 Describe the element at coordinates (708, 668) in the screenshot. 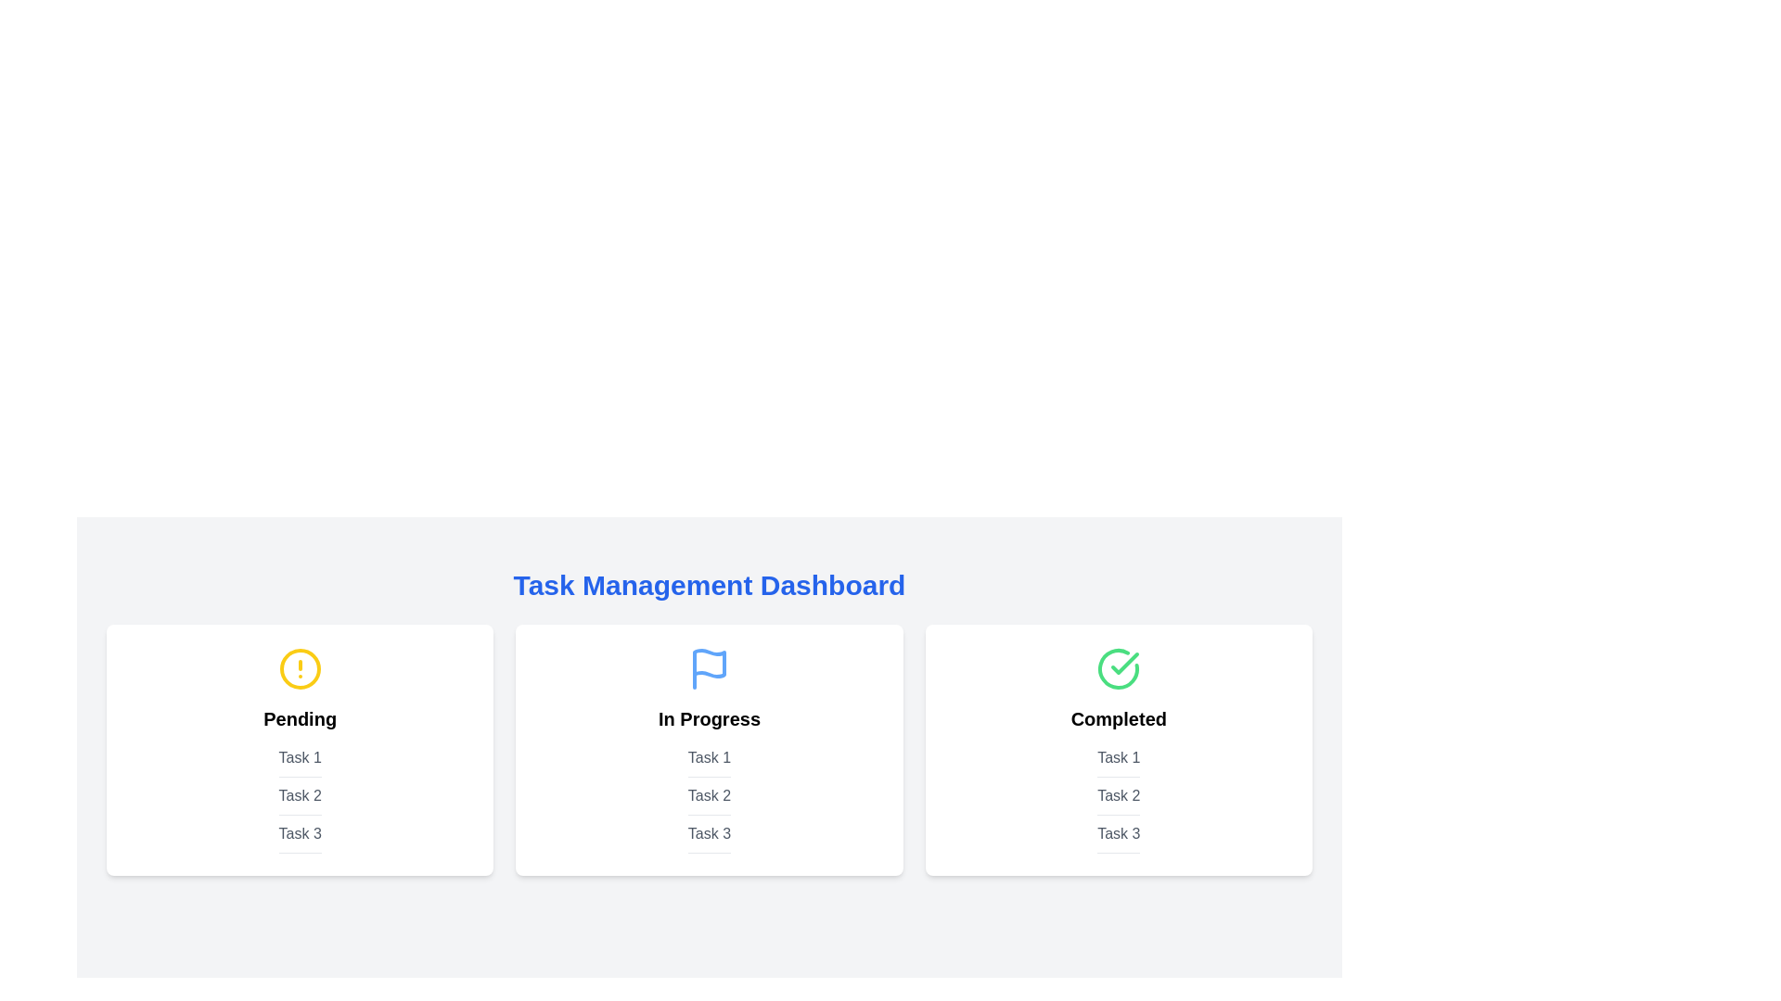

I see `the 'In Progress' status icon, which is centrally located above the text 'In Progress' in a three-column card layout` at that location.